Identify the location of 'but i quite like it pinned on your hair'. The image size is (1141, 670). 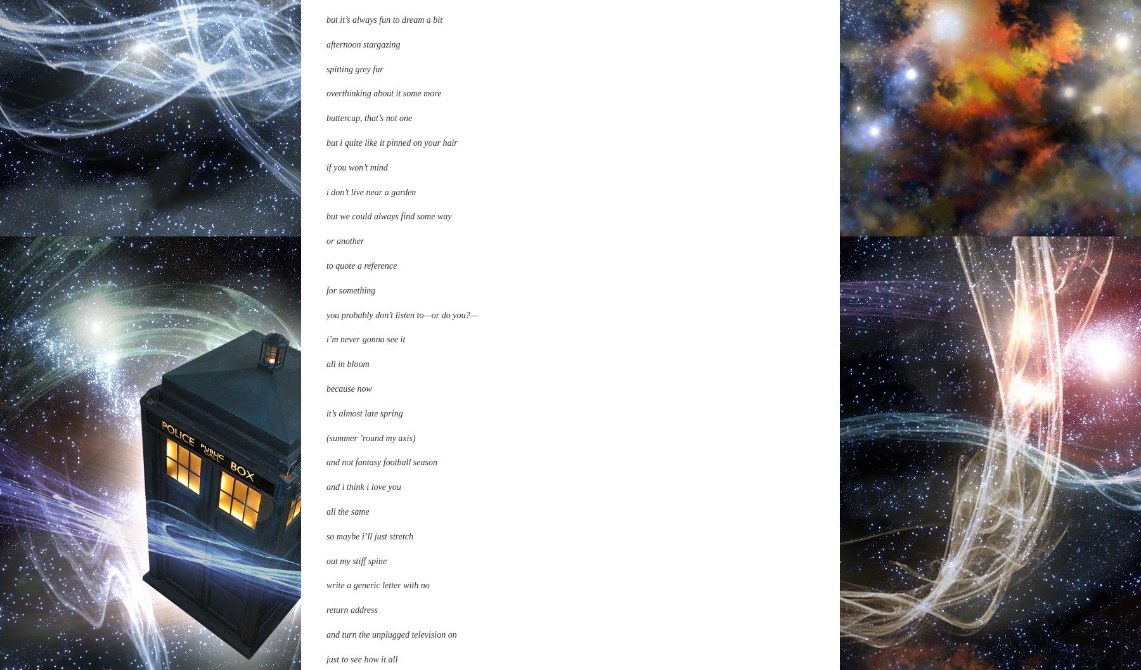
(325, 655).